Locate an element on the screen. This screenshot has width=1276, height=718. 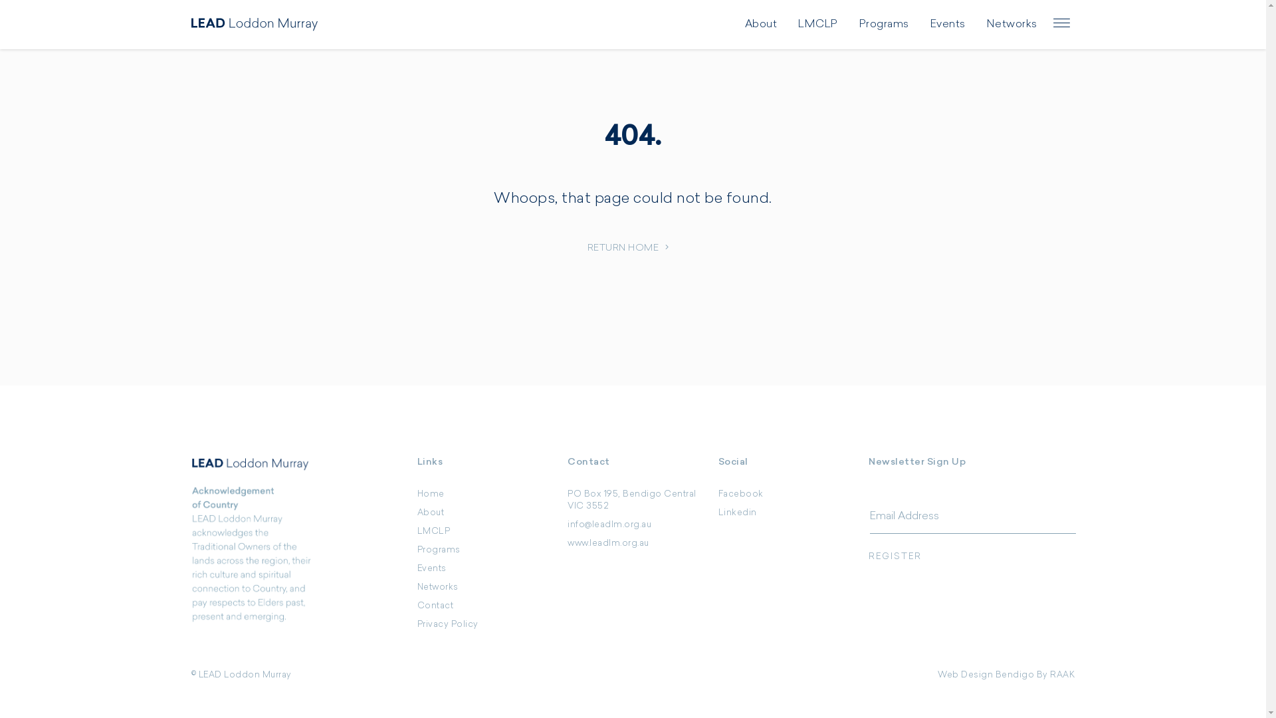
'About' is located at coordinates (431, 512).